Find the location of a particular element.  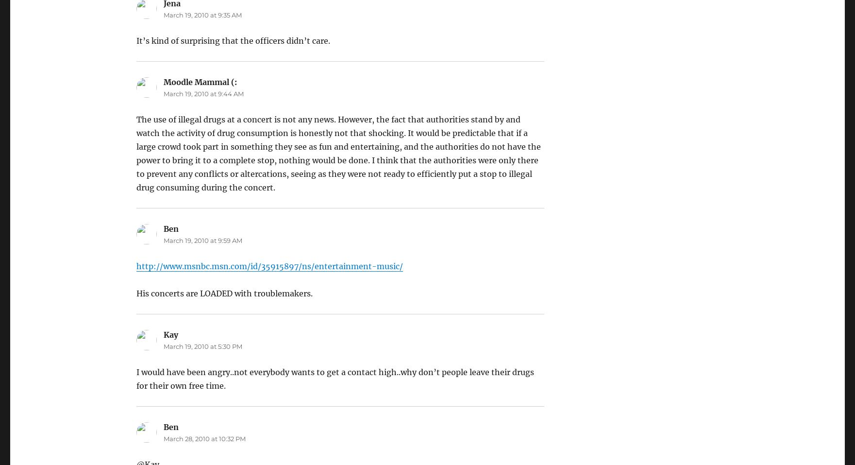

'Moodle Mammal (:' is located at coordinates (162, 82).